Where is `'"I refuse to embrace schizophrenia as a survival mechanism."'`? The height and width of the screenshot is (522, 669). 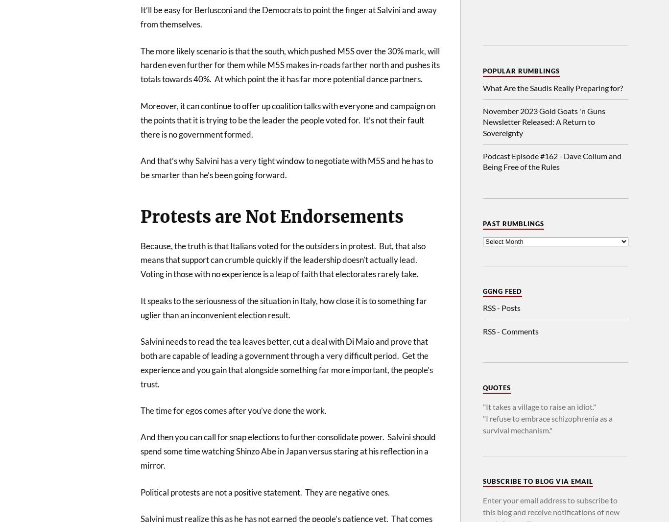 '"I refuse to embrace schizophrenia as a survival mechanism."' is located at coordinates (547, 424).